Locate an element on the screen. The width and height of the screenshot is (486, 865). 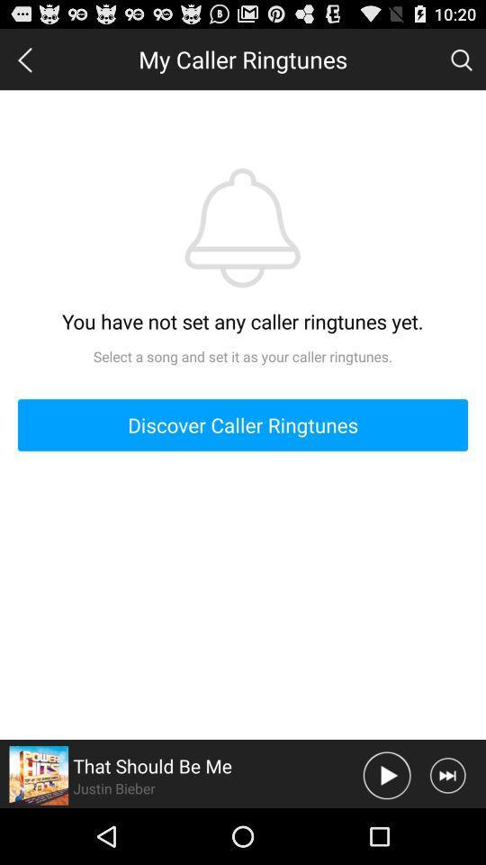
movie is located at coordinates (386, 774).